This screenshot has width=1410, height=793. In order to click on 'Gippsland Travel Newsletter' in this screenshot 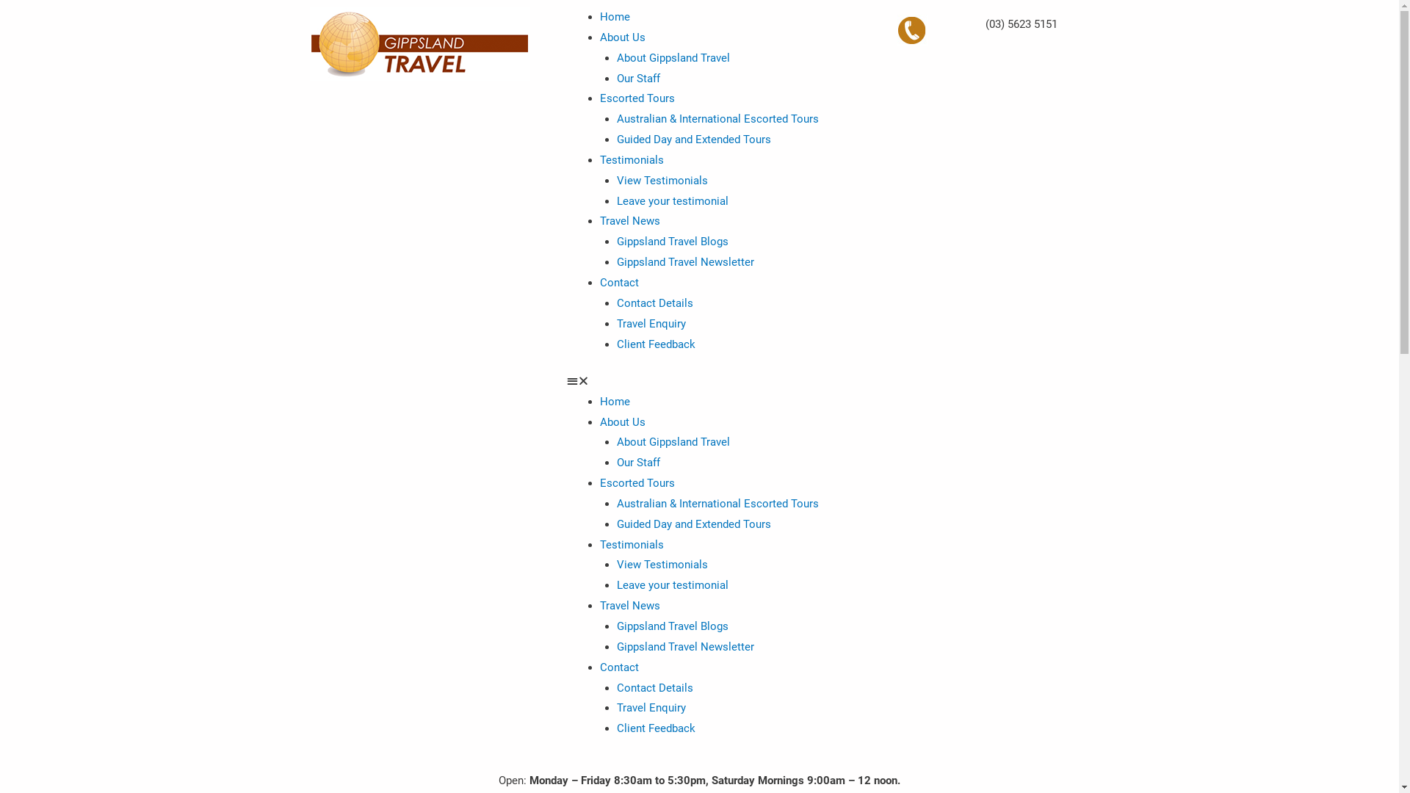, I will do `click(684, 261)`.